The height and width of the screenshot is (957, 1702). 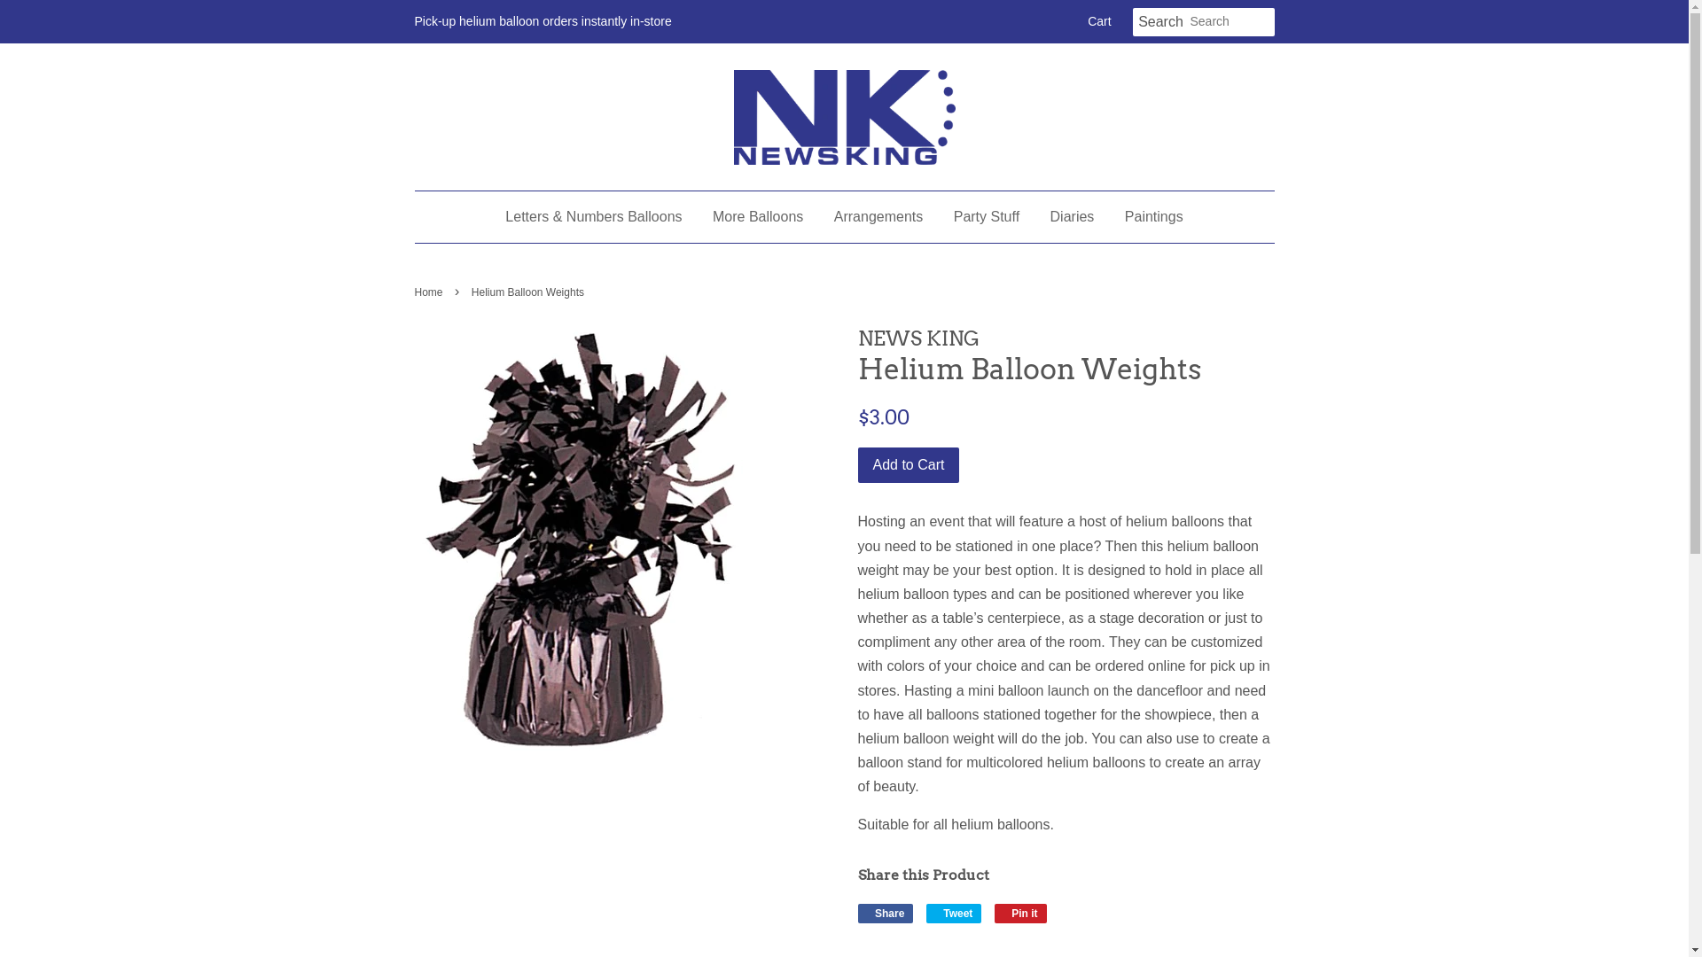 What do you see at coordinates (995, 913) in the screenshot?
I see `'Pin it` at bounding box center [995, 913].